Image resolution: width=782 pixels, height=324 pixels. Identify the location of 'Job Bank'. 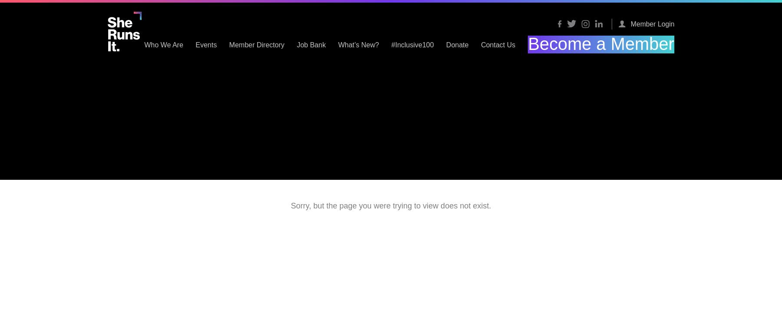
(379, 44).